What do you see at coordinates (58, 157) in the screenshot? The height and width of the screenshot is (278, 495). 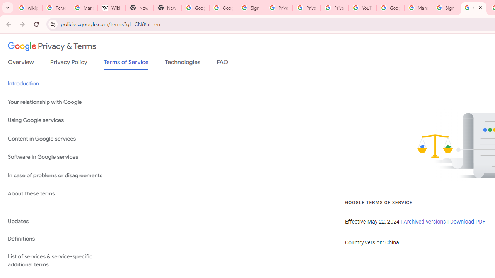 I see `'Software in Google services'` at bounding box center [58, 157].